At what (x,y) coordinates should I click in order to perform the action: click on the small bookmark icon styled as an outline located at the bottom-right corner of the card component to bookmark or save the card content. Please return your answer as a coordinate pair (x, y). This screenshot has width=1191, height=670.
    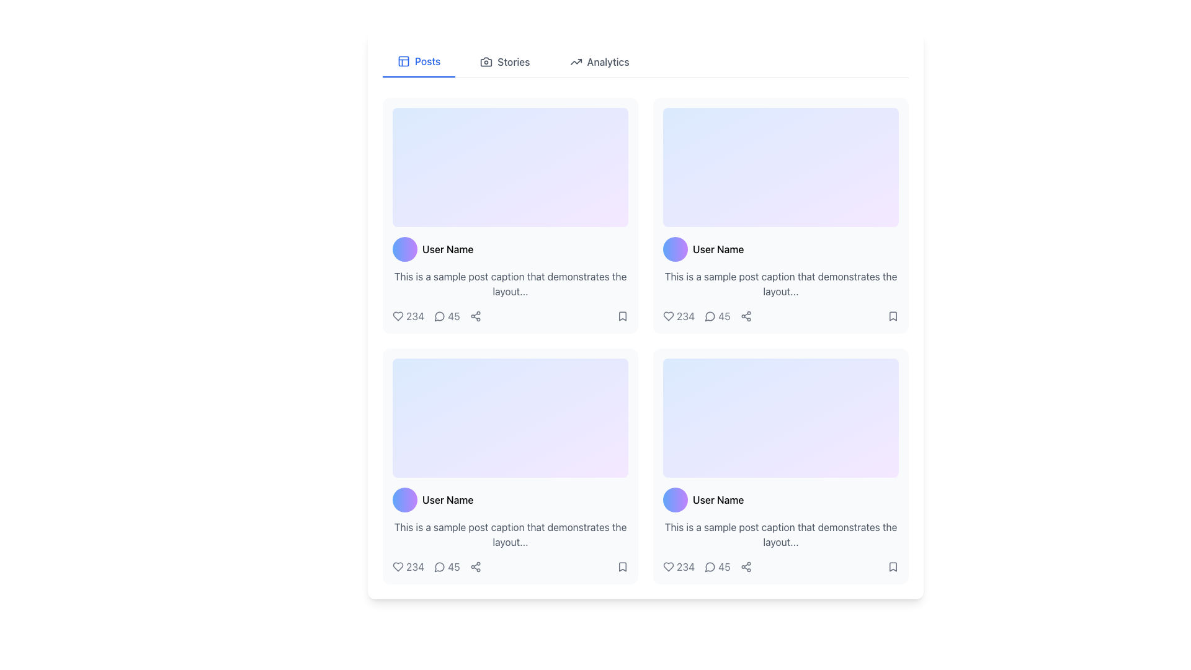
    Looking at the image, I should click on (622, 567).